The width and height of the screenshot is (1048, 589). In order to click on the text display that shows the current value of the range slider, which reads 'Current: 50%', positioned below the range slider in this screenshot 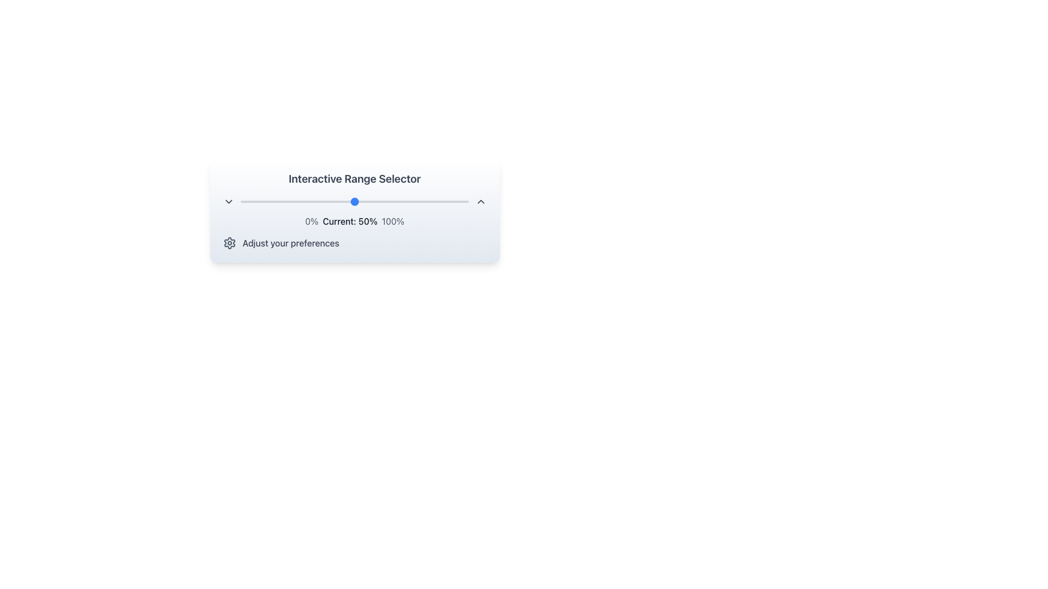, I will do `click(354, 221)`.